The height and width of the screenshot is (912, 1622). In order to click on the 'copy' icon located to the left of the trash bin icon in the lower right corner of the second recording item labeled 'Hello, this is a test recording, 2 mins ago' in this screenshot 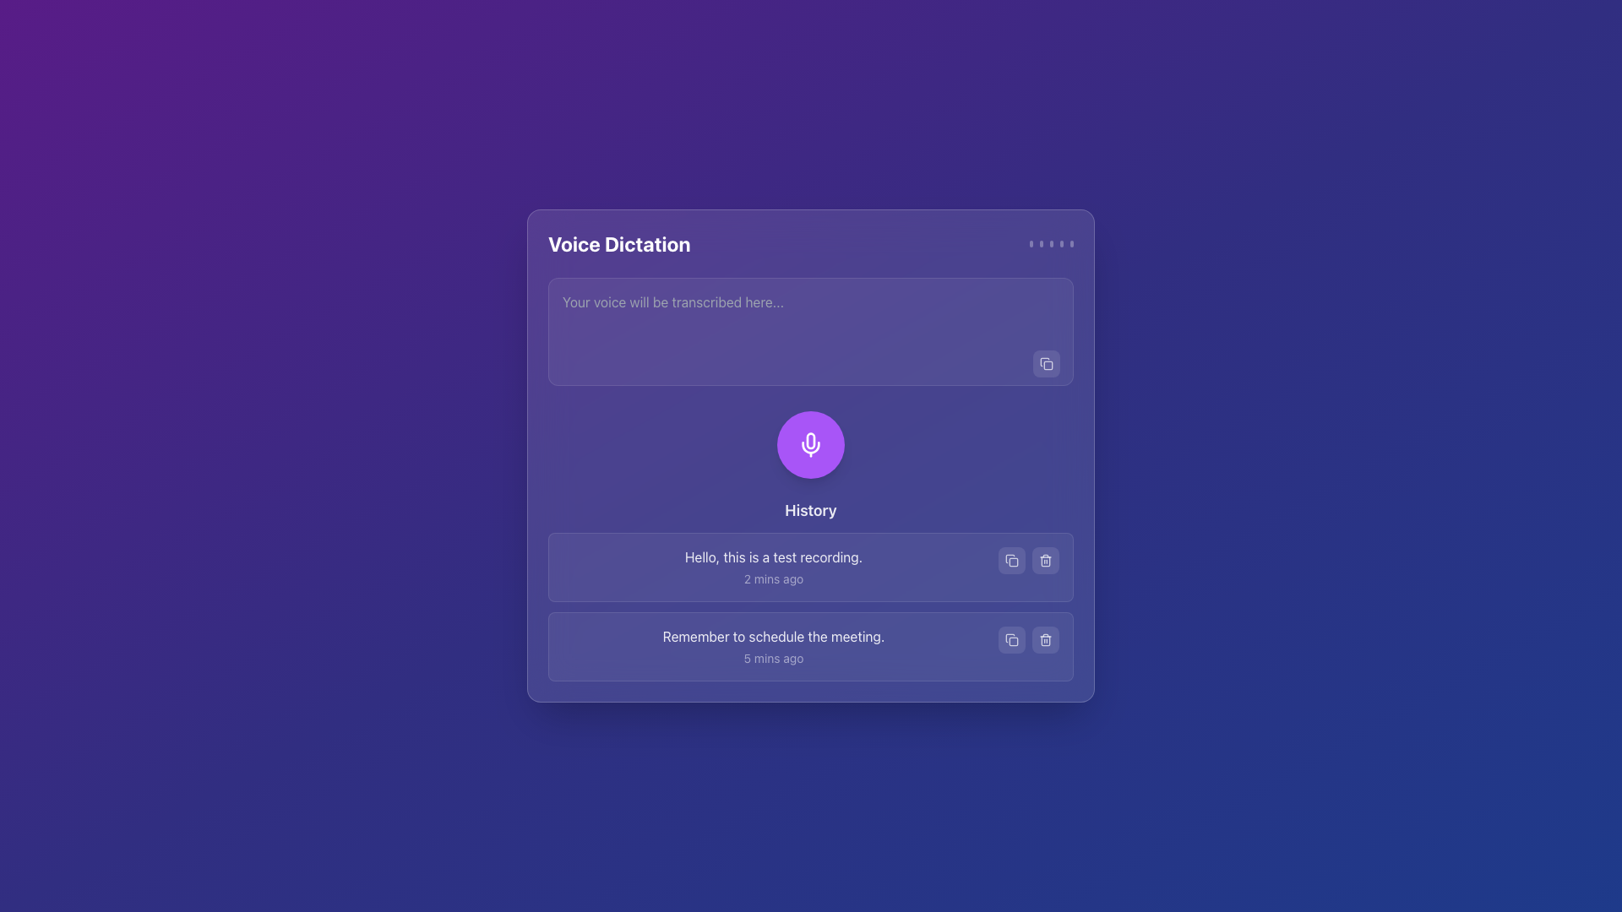, I will do `click(1010, 559)`.